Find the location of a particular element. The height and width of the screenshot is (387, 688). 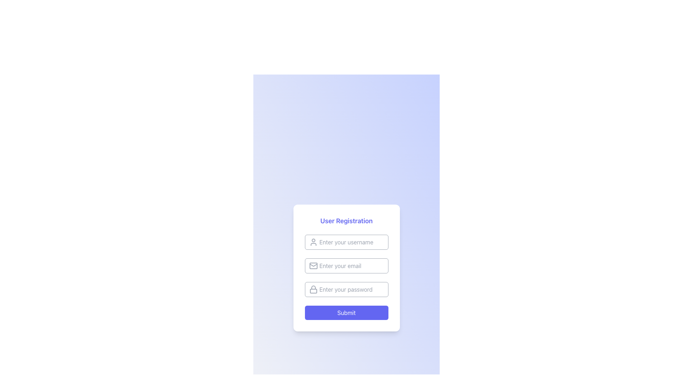

the user silhouette SVG icon located at the left side of the first input field in the 'User Registration' form is located at coordinates (313, 242).